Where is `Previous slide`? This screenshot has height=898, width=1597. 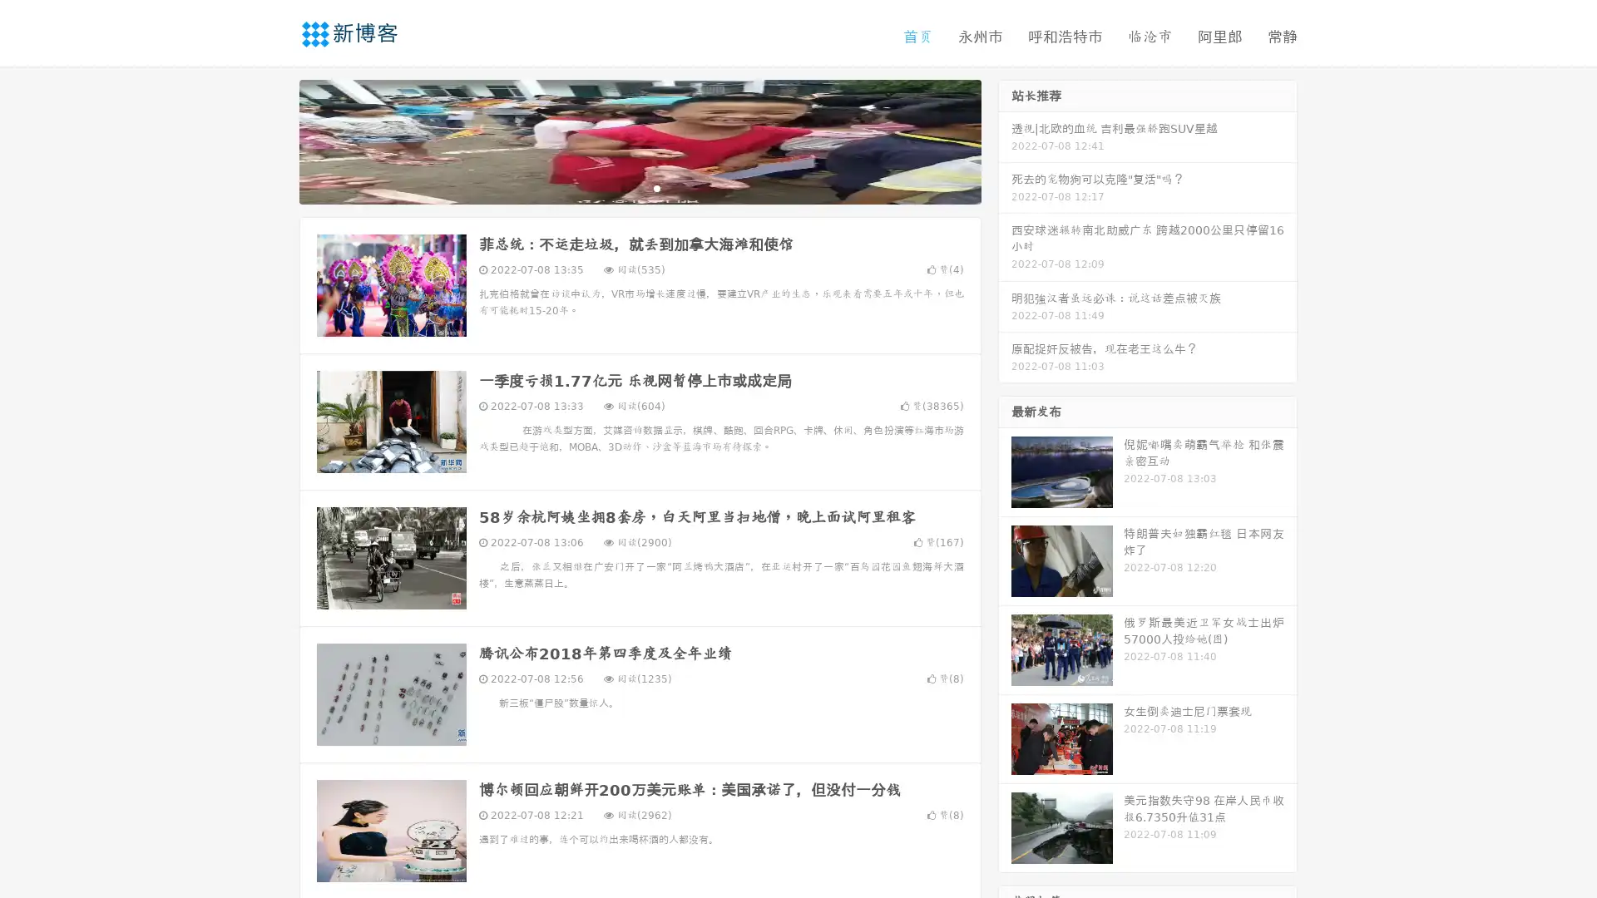
Previous slide is located at coordinates (274, 140).